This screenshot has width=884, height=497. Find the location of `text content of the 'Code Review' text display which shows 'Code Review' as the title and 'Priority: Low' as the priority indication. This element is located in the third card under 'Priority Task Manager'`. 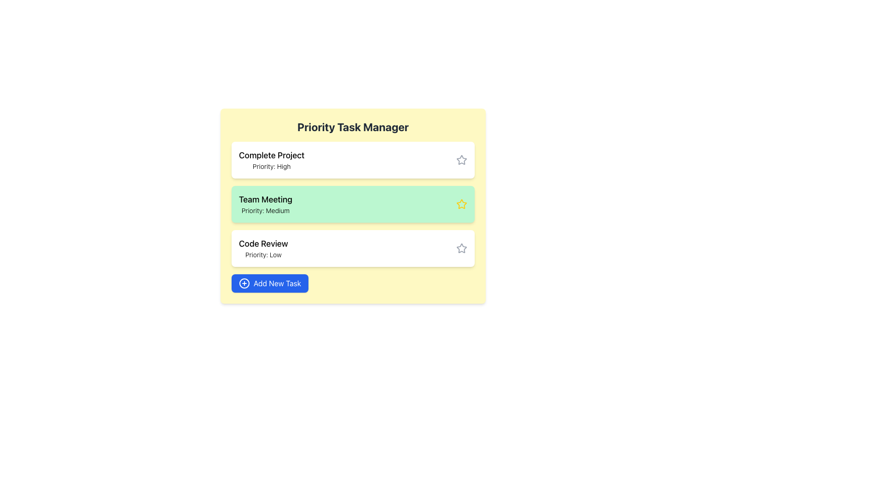

text content of the 'Code Review' text display which shows 'Code Review' as the title and 'Priority: Low' as the priority indication. This element is located in the third card under 'Priority Task Manager' is located at coordinates (263, 248).